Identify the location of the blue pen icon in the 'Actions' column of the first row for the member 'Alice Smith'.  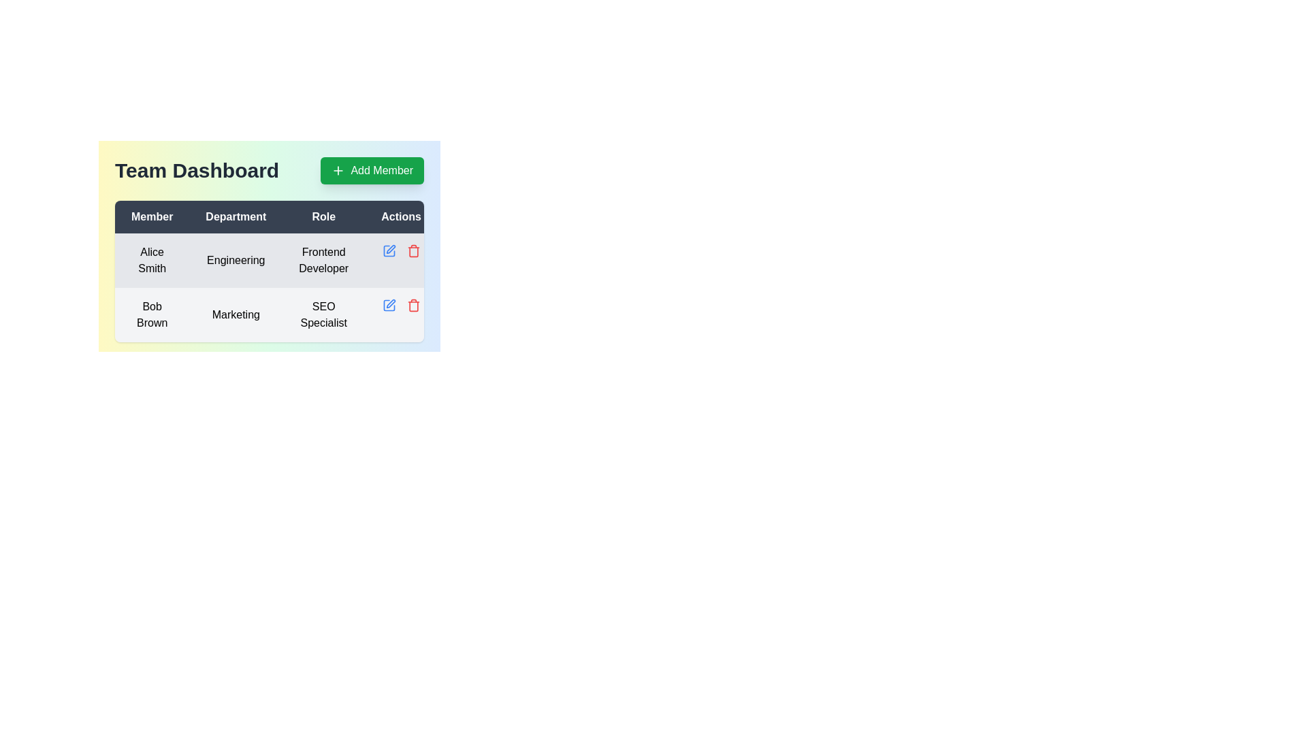
(388, 251).